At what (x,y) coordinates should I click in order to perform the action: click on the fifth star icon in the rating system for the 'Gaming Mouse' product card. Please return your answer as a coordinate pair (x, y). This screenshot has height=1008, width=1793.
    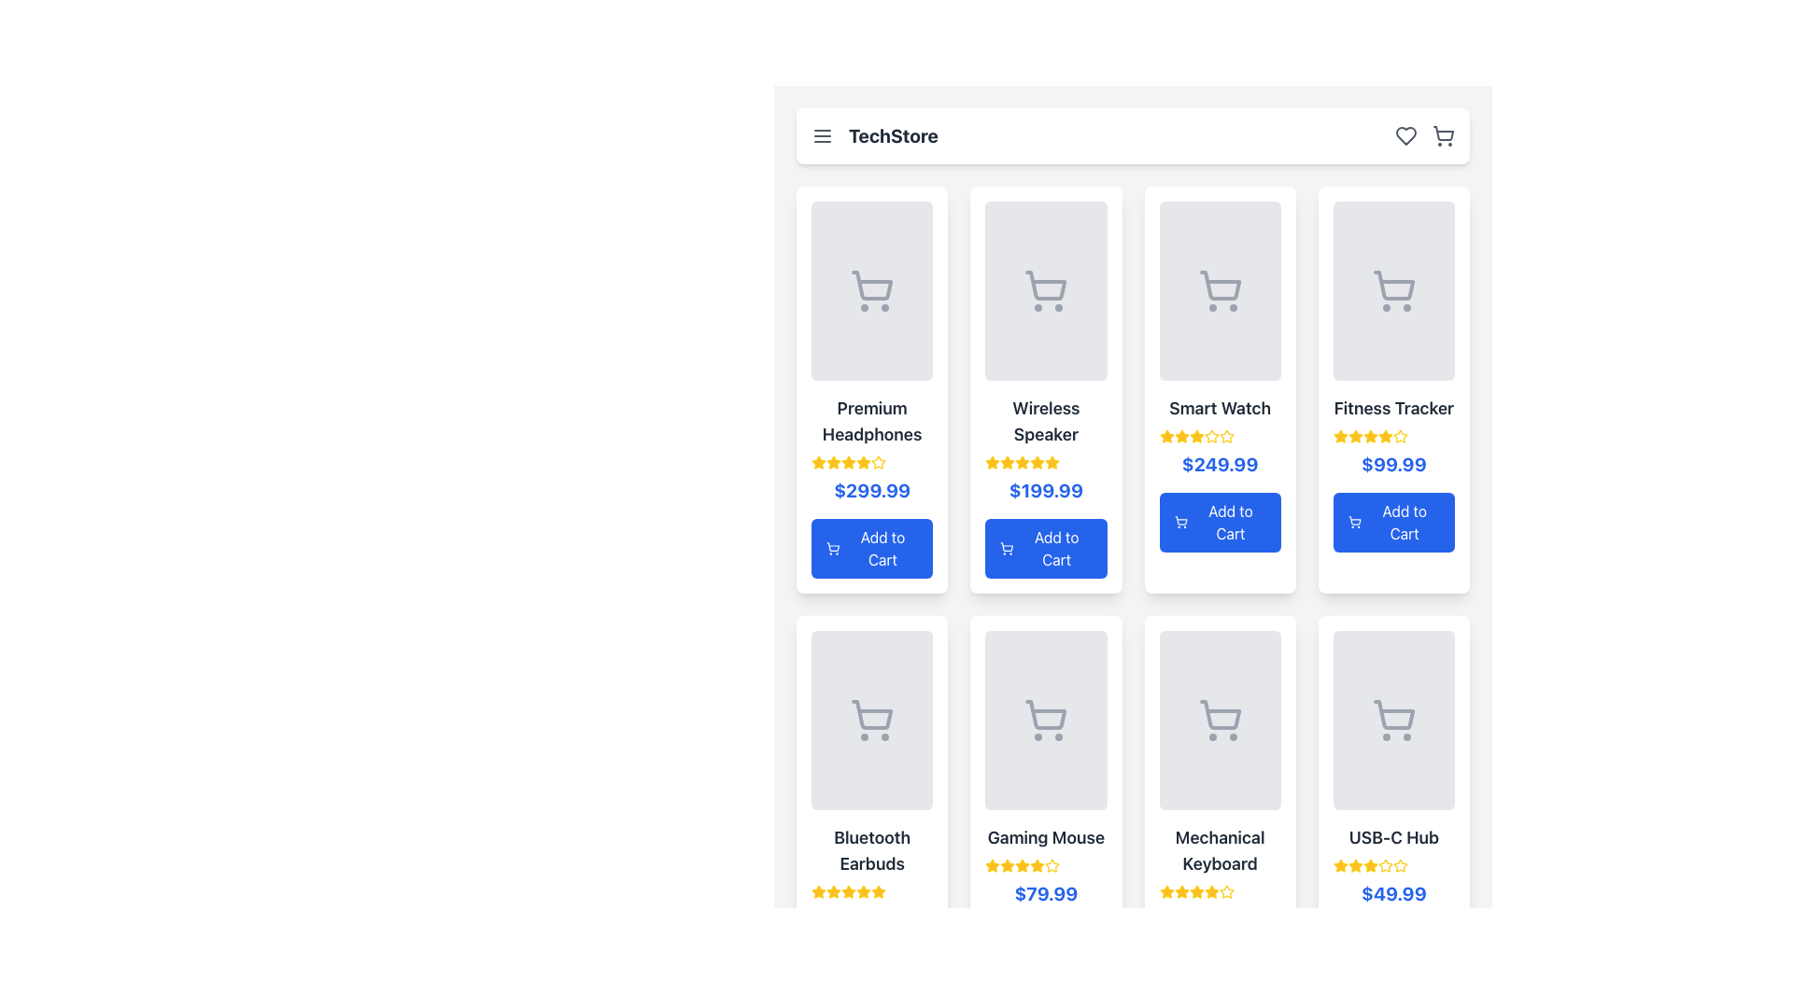
    Looking at the image, I should click on (1052, 866).